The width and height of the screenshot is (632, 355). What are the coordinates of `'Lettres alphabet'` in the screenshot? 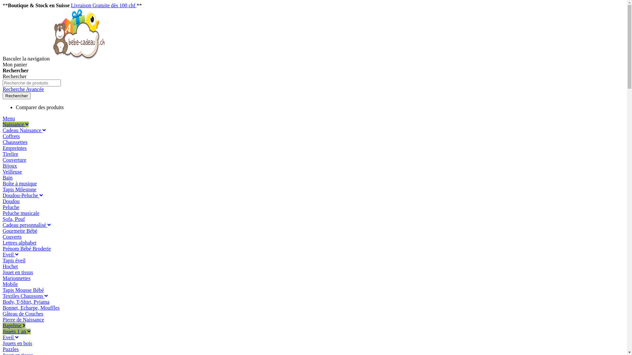 It's located at (3, 243).